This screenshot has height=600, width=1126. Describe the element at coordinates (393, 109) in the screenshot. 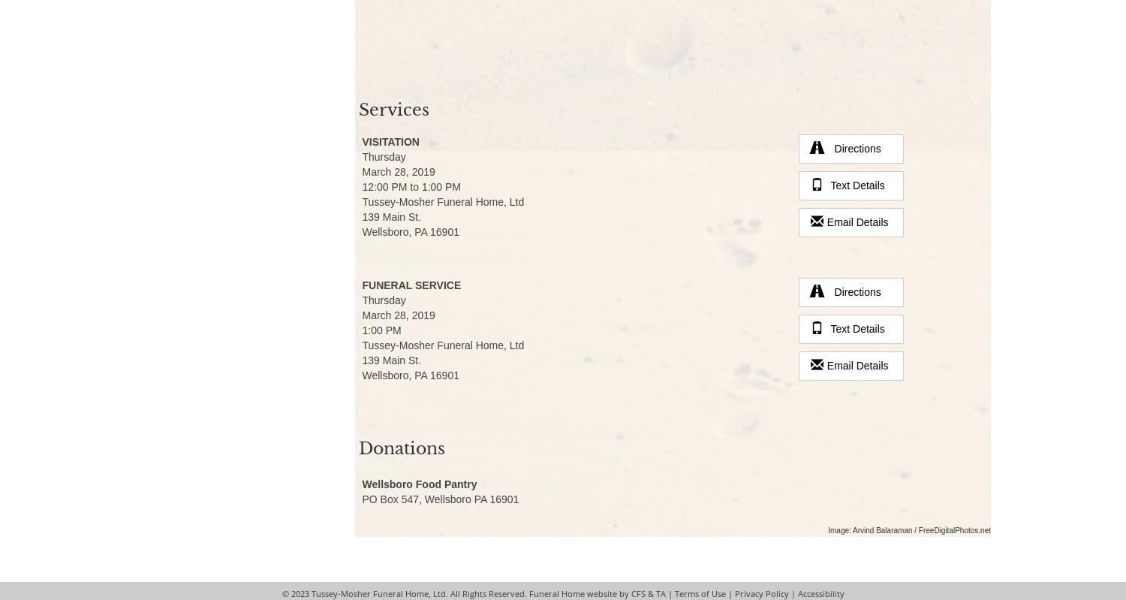

I see `'Services'` at that location.